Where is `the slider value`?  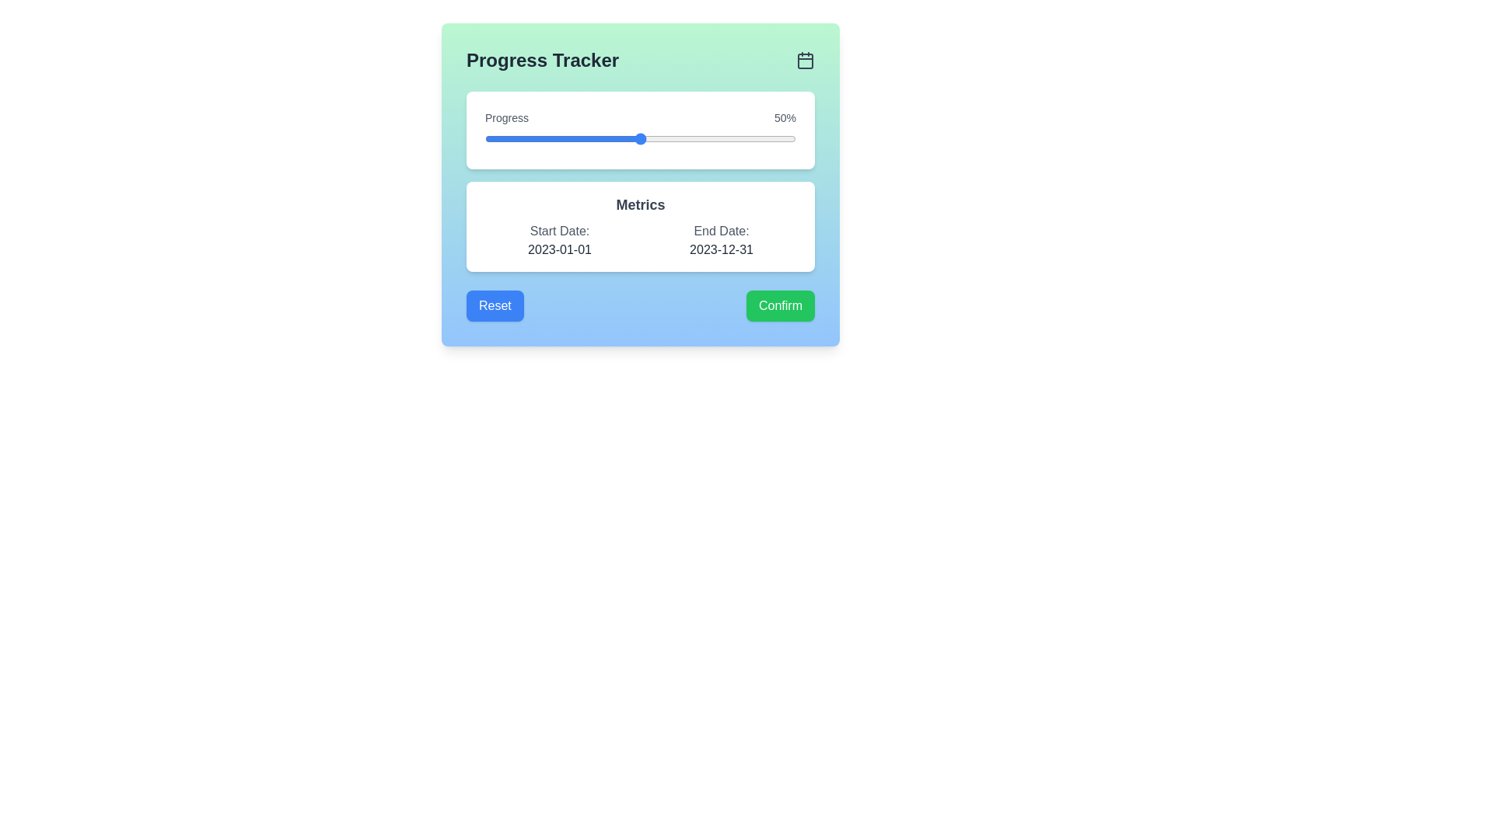 the slider value is located at coordinates (715, 138).